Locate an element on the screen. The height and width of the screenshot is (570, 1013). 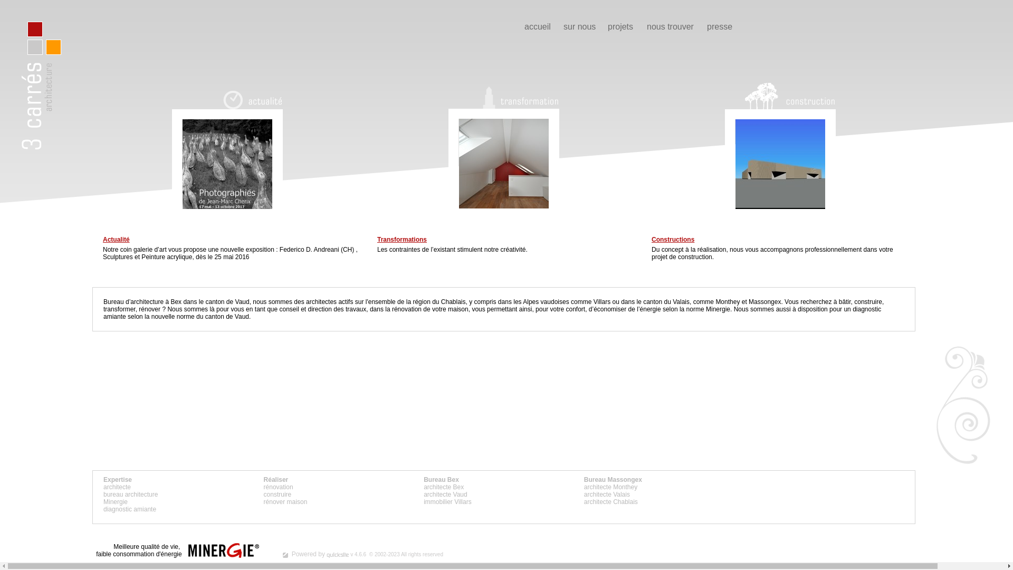
'architectes' is located at coordinates (305, 301).